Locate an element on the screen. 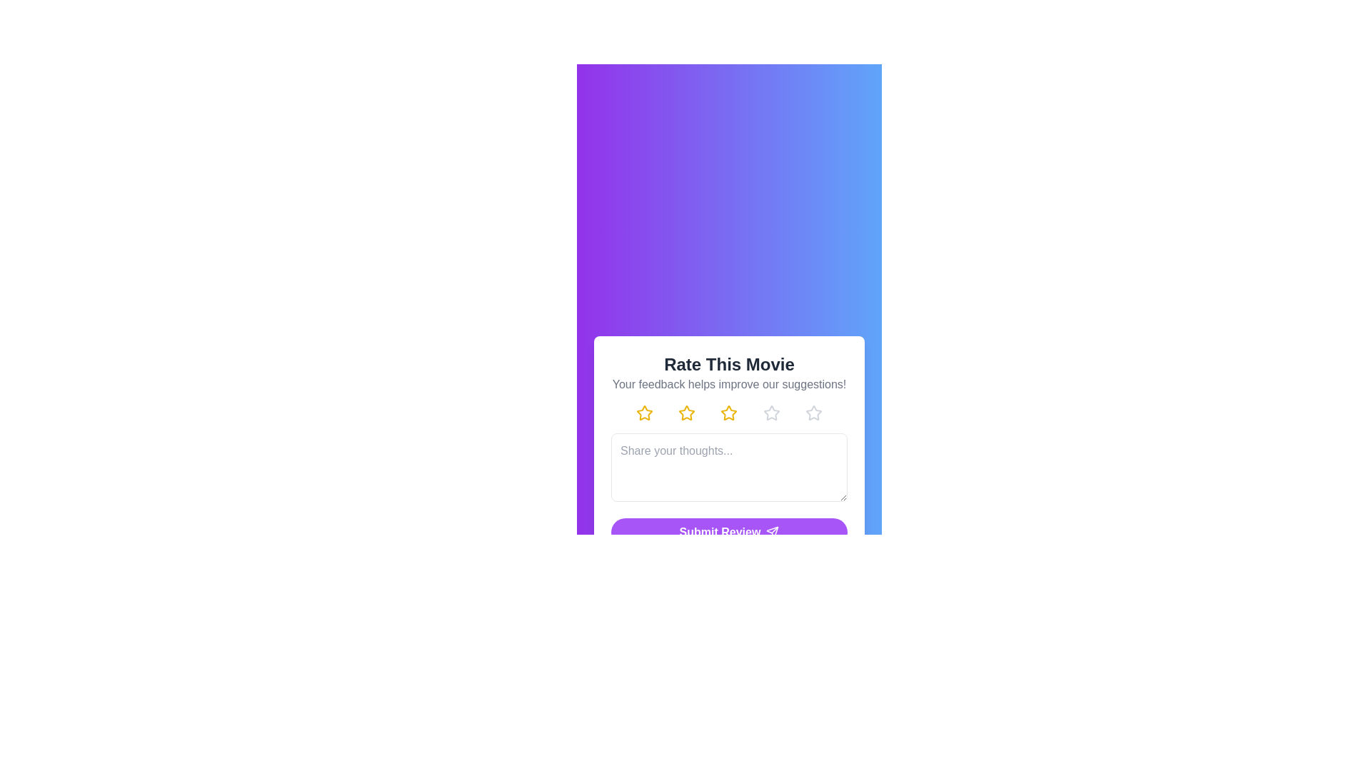  the submit review button located at the bottom of the card-like panel is located at coordinates (729, 532).